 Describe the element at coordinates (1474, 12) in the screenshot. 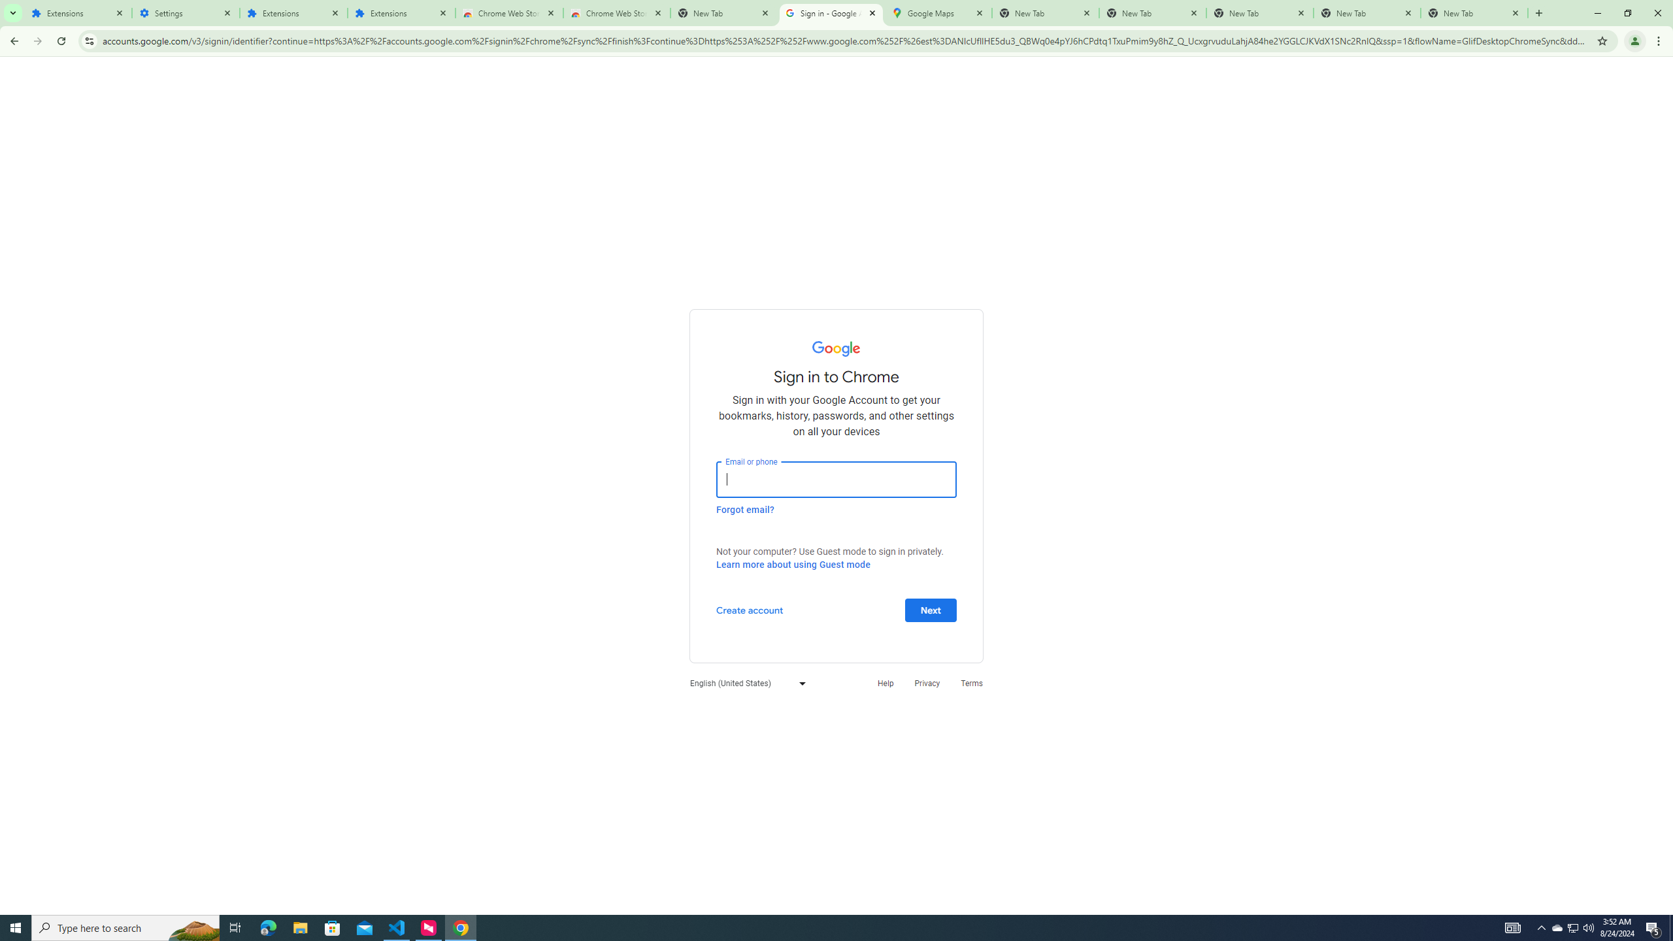

I see `'New Tab'` at that location.